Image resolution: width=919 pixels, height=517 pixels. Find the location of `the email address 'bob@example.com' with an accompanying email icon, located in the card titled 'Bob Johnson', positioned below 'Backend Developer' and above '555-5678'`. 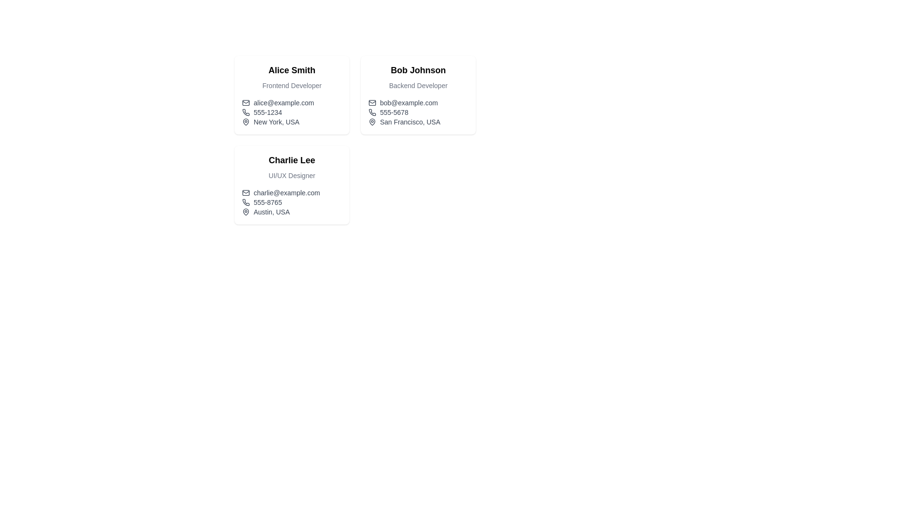

the email address 'bob@example.com' with an accompanying email icon, located in the card titled 'Bob Johnson', positioned below 'Backend Developer' and above '555-5678' is located at coordinates (418, 103).